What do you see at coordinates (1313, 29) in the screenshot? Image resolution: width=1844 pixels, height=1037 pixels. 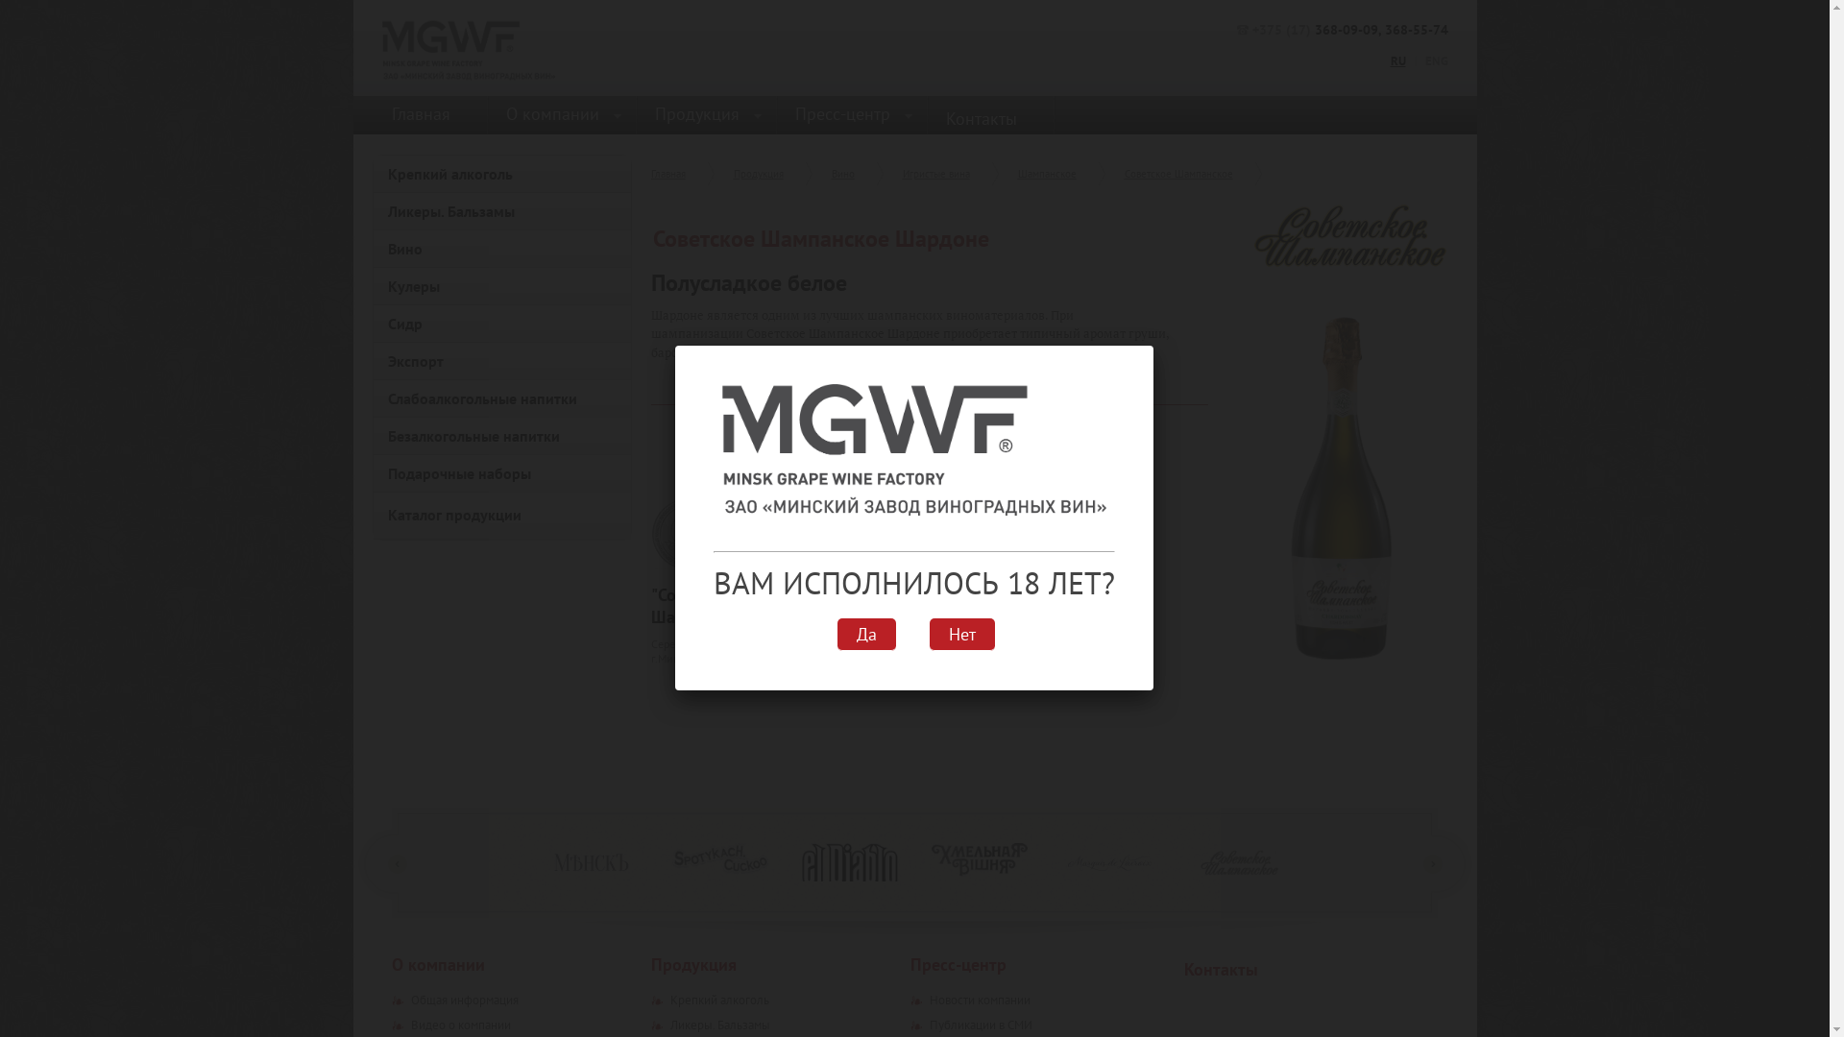 I see `'368-09-09'` at bounding box center [1313, 29].